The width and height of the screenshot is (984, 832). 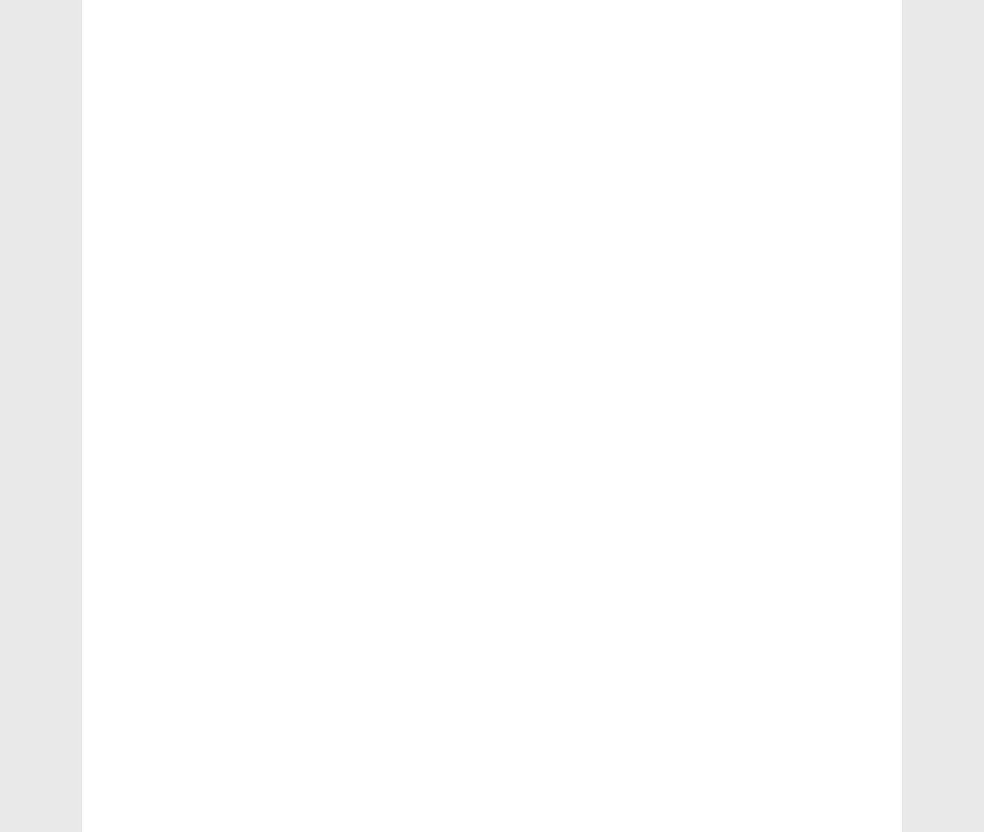 What do you see at coordinates (749, 579) in the screenshot?
I see `'Free Maths Tools'` at bounding box center [749, 579].